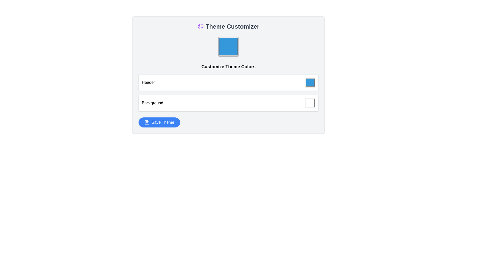 This screenshot has width=481, height=271. Describe the element at coordinates (159, 122) in the screenshot. I see `the save button located at the bottom of the 'Theme Customizer' card` at that location.